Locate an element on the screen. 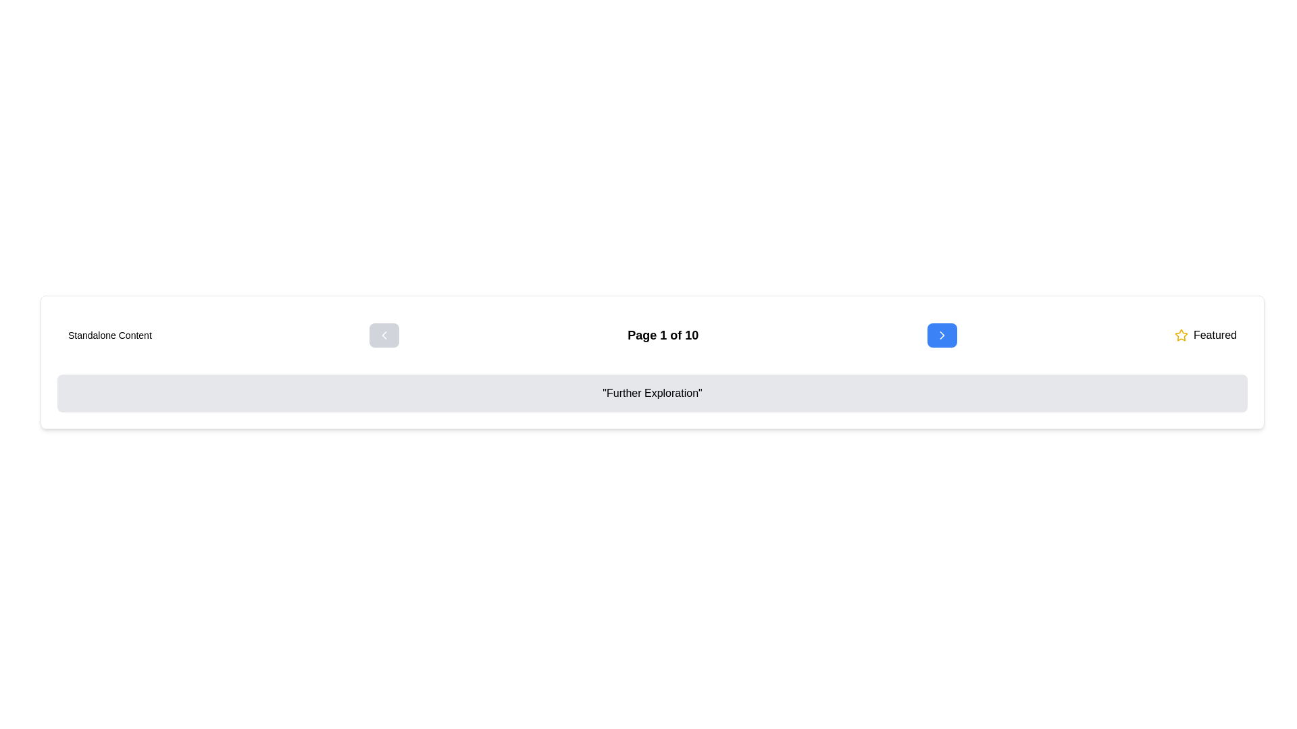 The height and width of the screenshot is (729, 1297). the text label that indicates the current page number and the total number of pages in the paginated series, located centrally between the left and right chevron icons is located at coordinates (663, 335).